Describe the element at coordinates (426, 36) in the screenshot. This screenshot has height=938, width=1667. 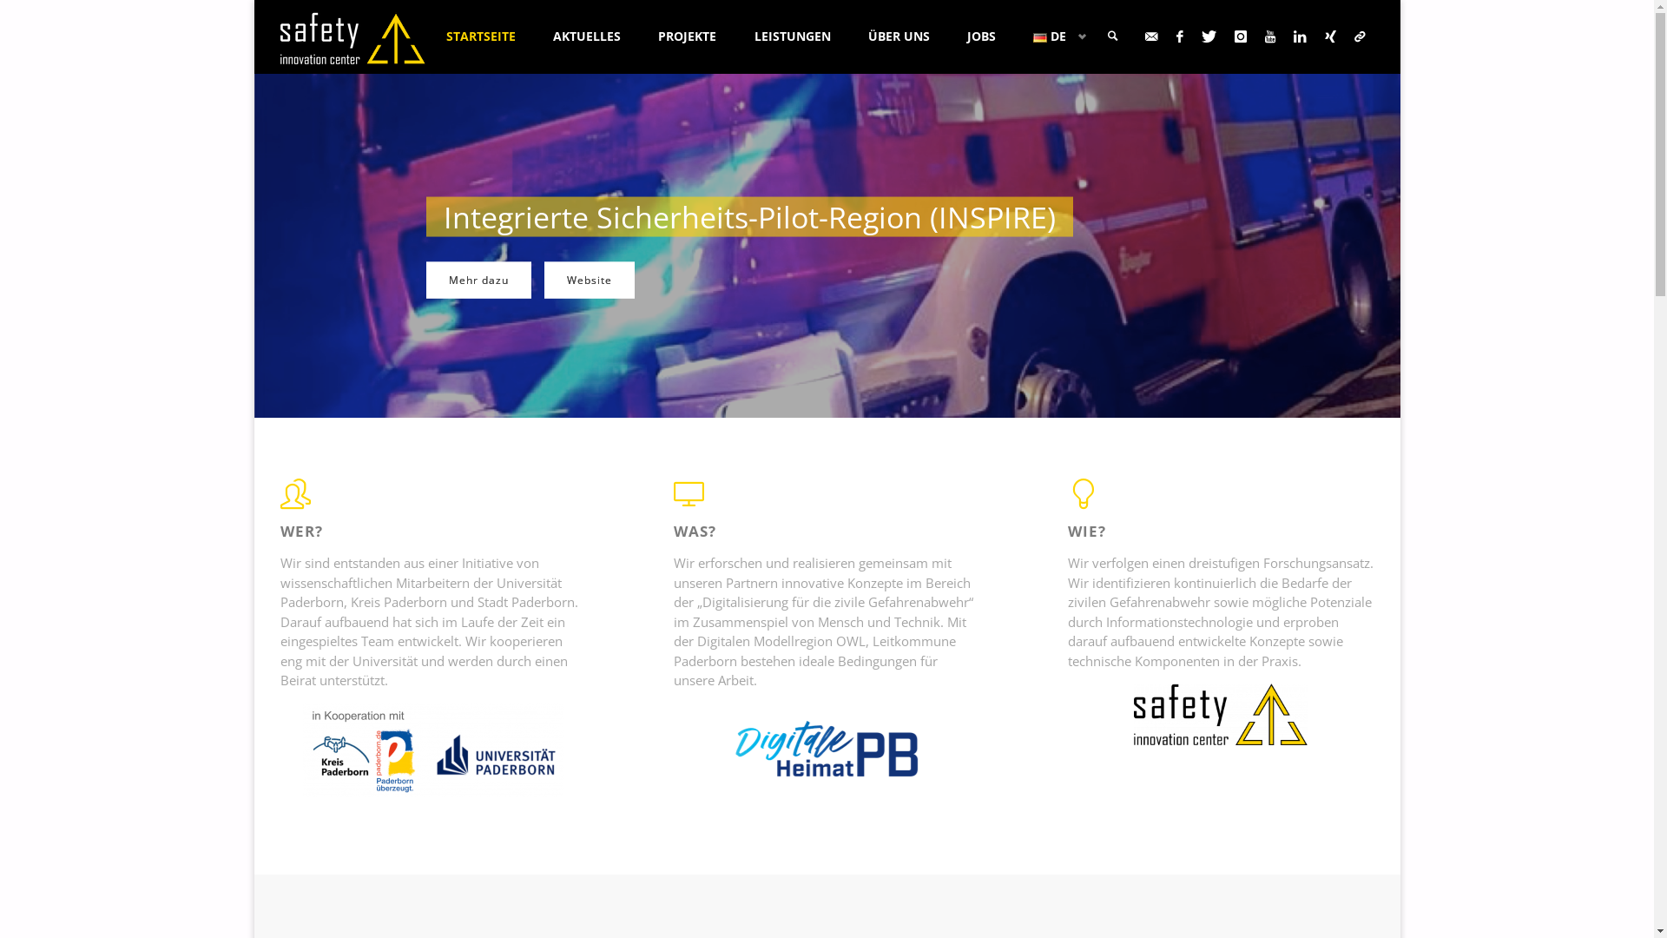
I see `'STARTSEITE'` at that location.